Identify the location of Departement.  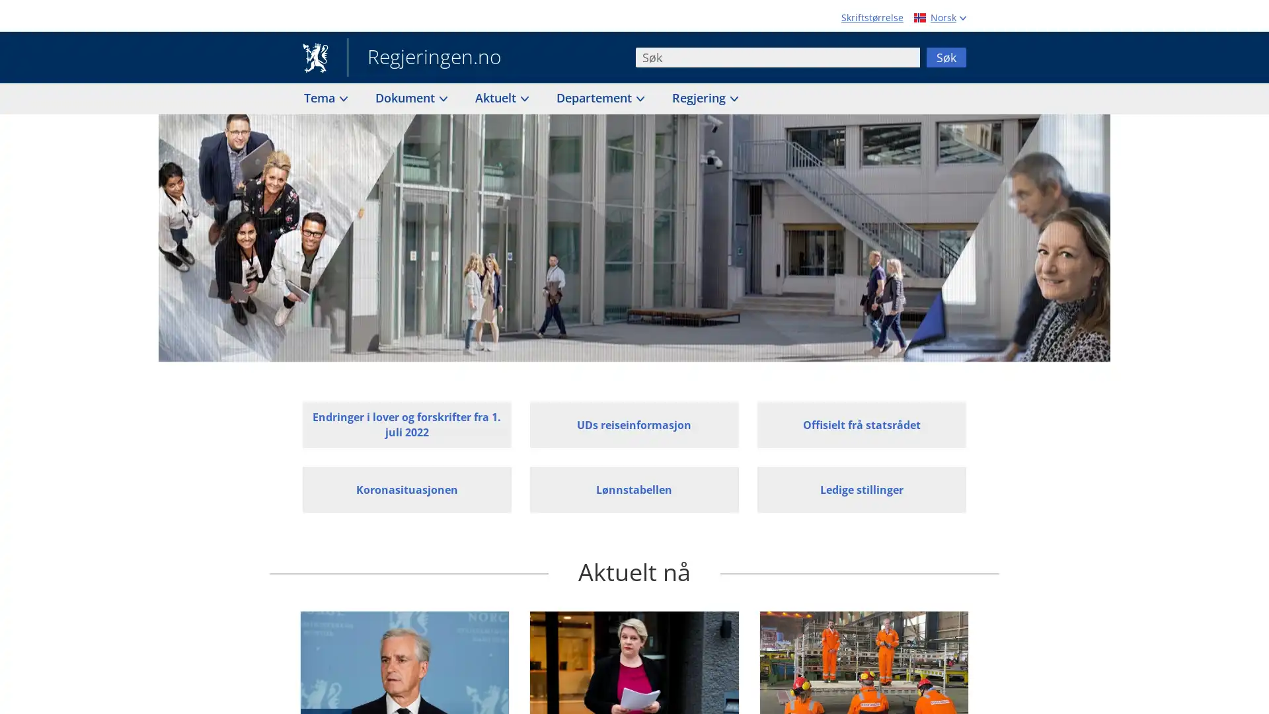
(599, 97).